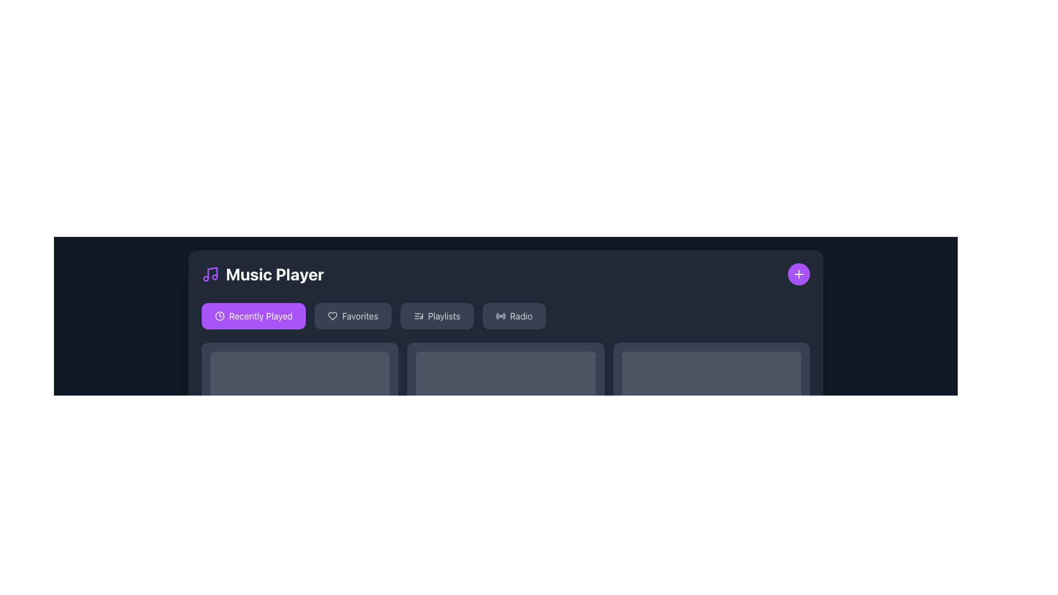 The width and height of the screenshot is (1058, 595). I want to click on the plus sign button with a circular purple background located in the top-right corner of the interface, so click(798, 273).